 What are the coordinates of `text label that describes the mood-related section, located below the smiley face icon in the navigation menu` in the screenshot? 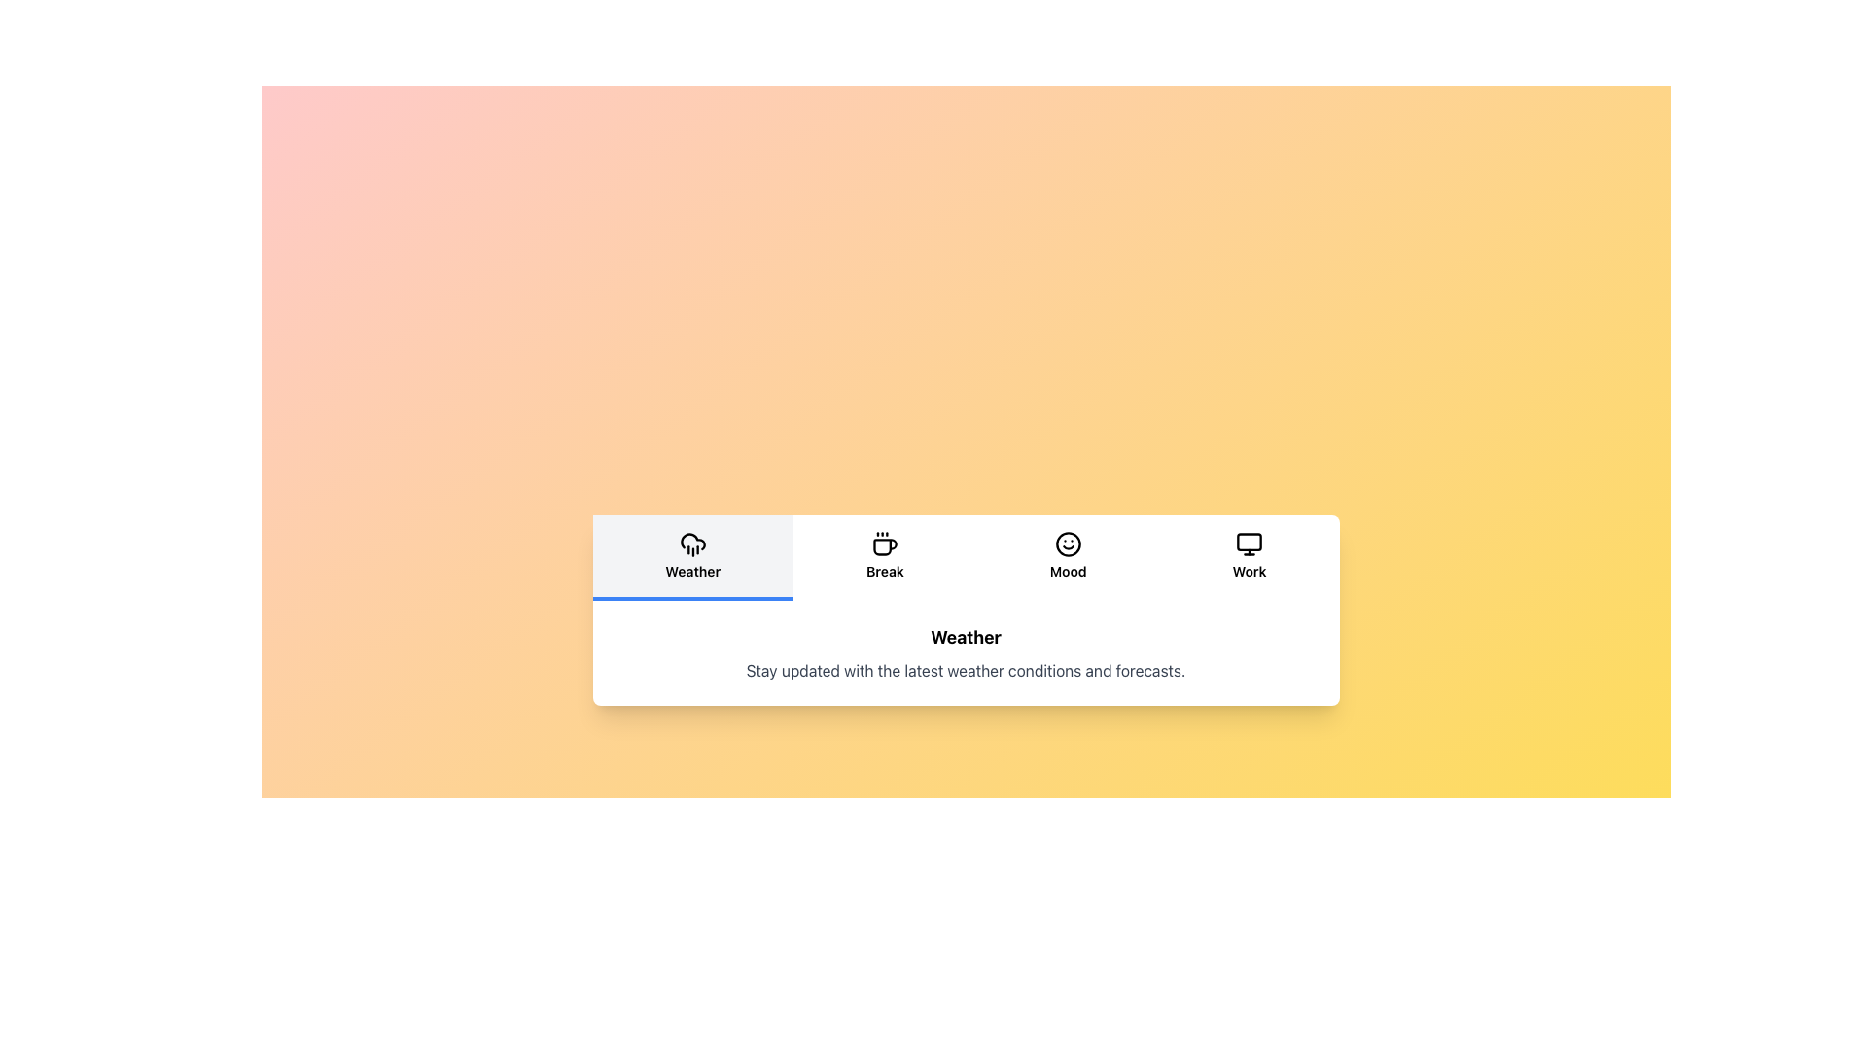 It's located at (1067, 570).